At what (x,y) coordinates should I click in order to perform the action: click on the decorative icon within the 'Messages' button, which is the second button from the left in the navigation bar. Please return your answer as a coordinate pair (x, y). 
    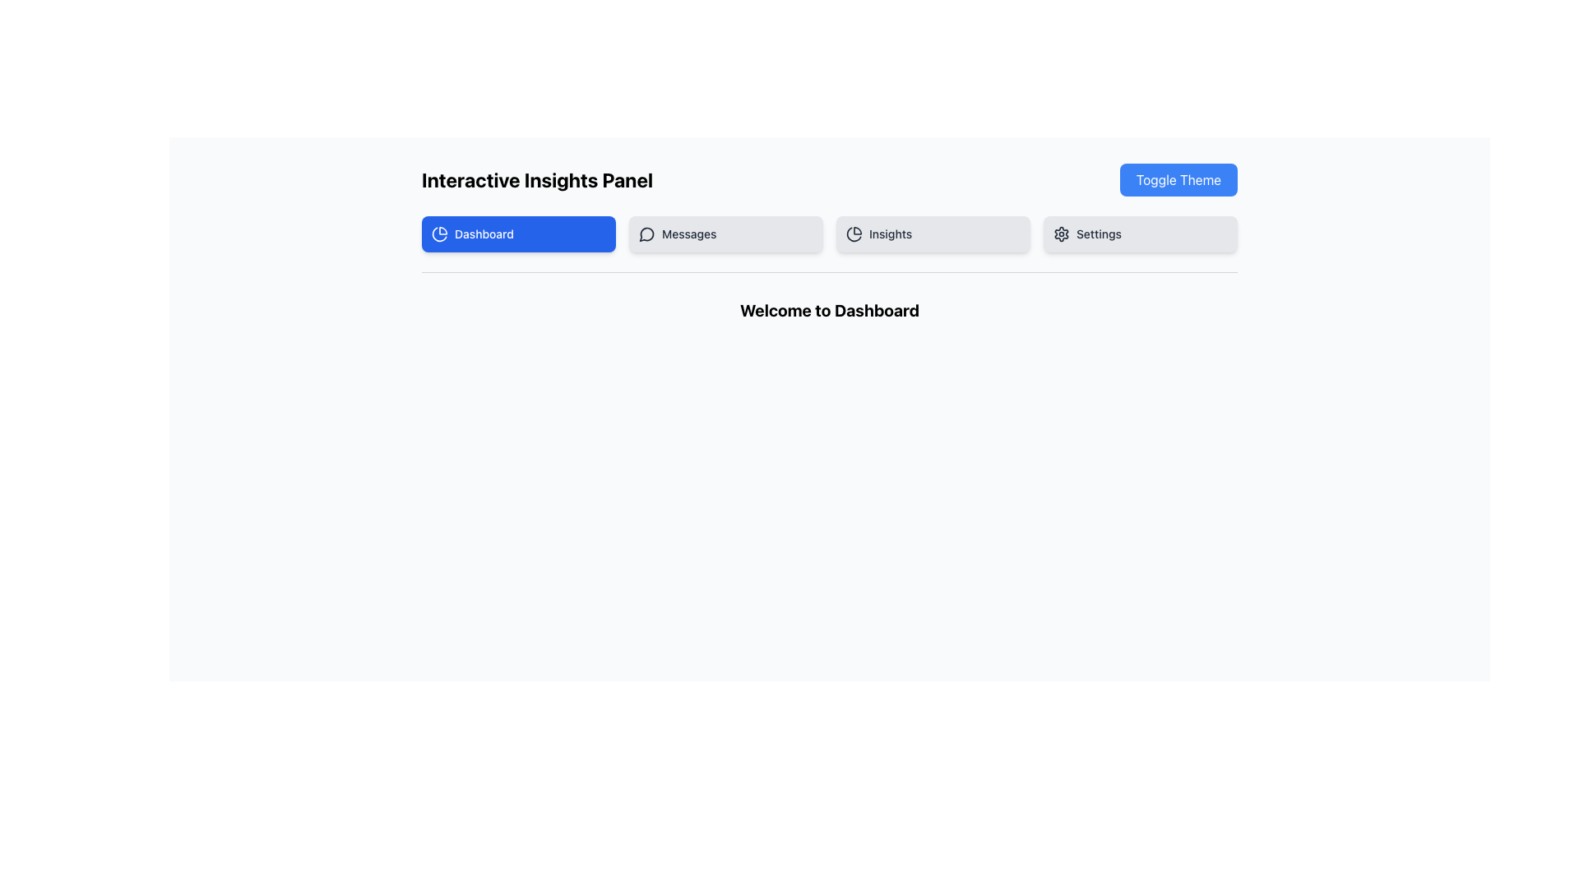
    Looking at the image, I should click on (646, 234).